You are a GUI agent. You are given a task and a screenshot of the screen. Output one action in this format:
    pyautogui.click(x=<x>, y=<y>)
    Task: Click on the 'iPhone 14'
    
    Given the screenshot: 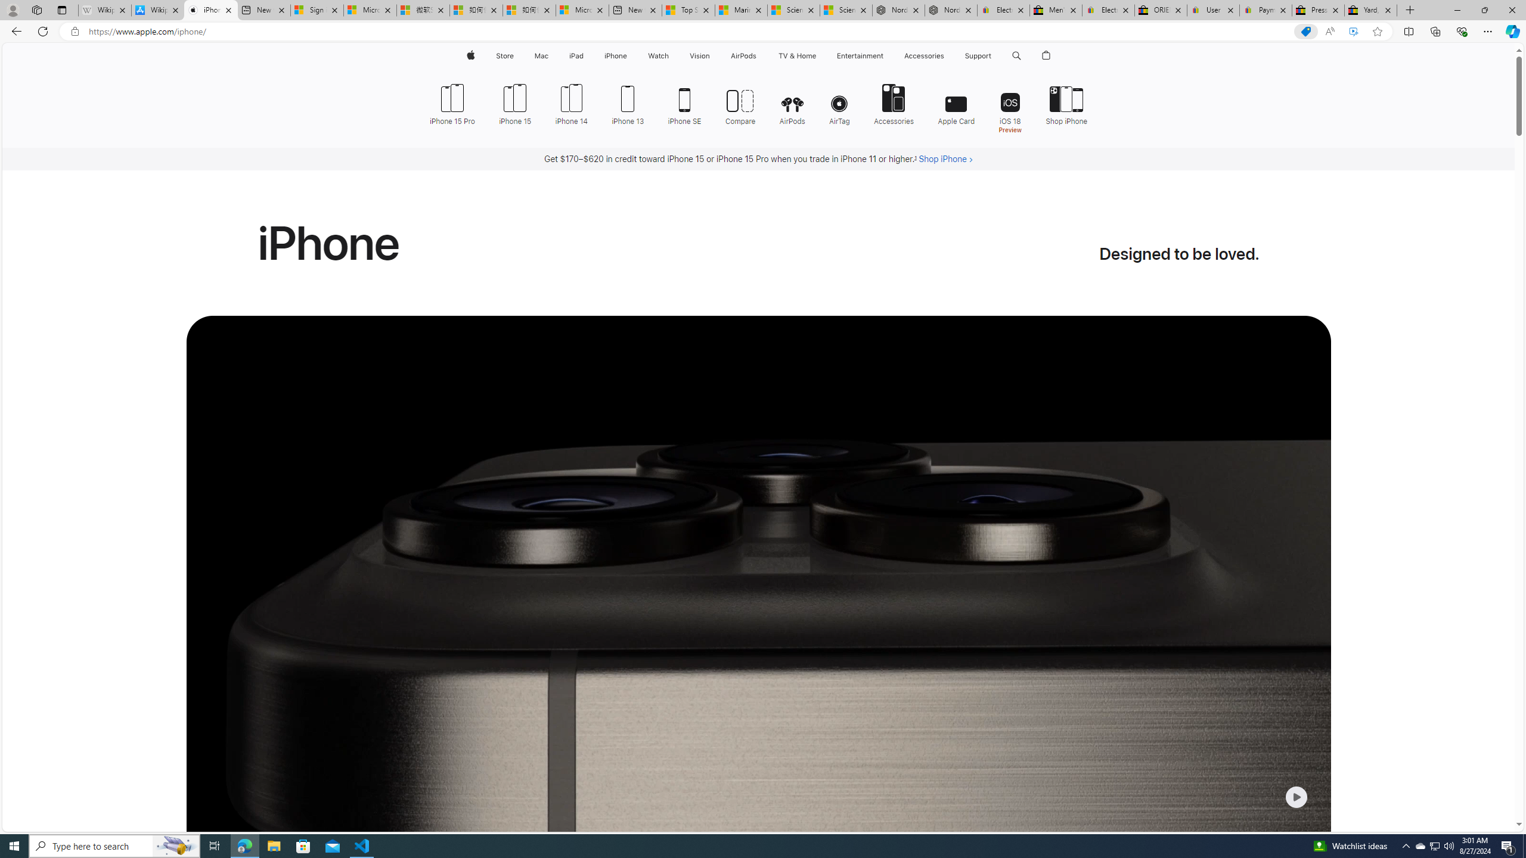 What is the action you would take?
    pyautogui.click(x=570, y=102)
    